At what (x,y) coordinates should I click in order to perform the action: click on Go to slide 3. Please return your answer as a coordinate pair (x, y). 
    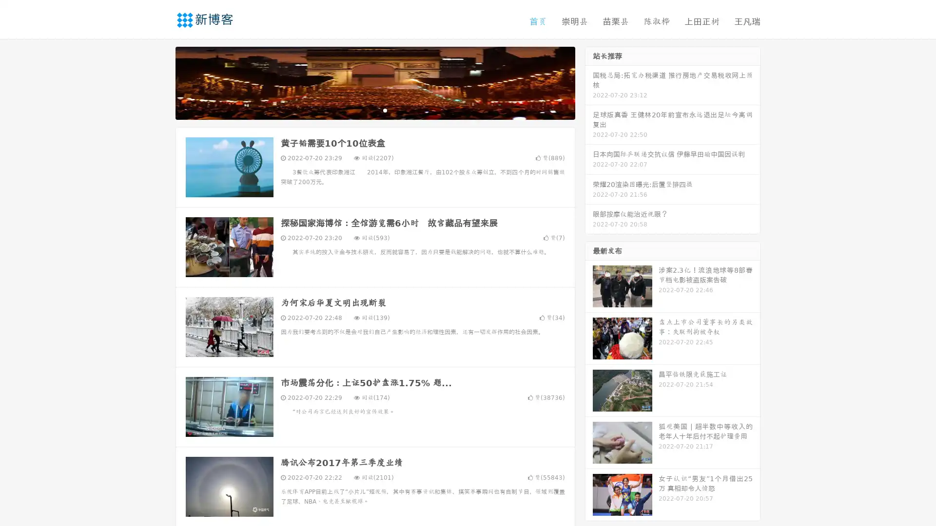
    Looking at the image, I should click on (385, 110).